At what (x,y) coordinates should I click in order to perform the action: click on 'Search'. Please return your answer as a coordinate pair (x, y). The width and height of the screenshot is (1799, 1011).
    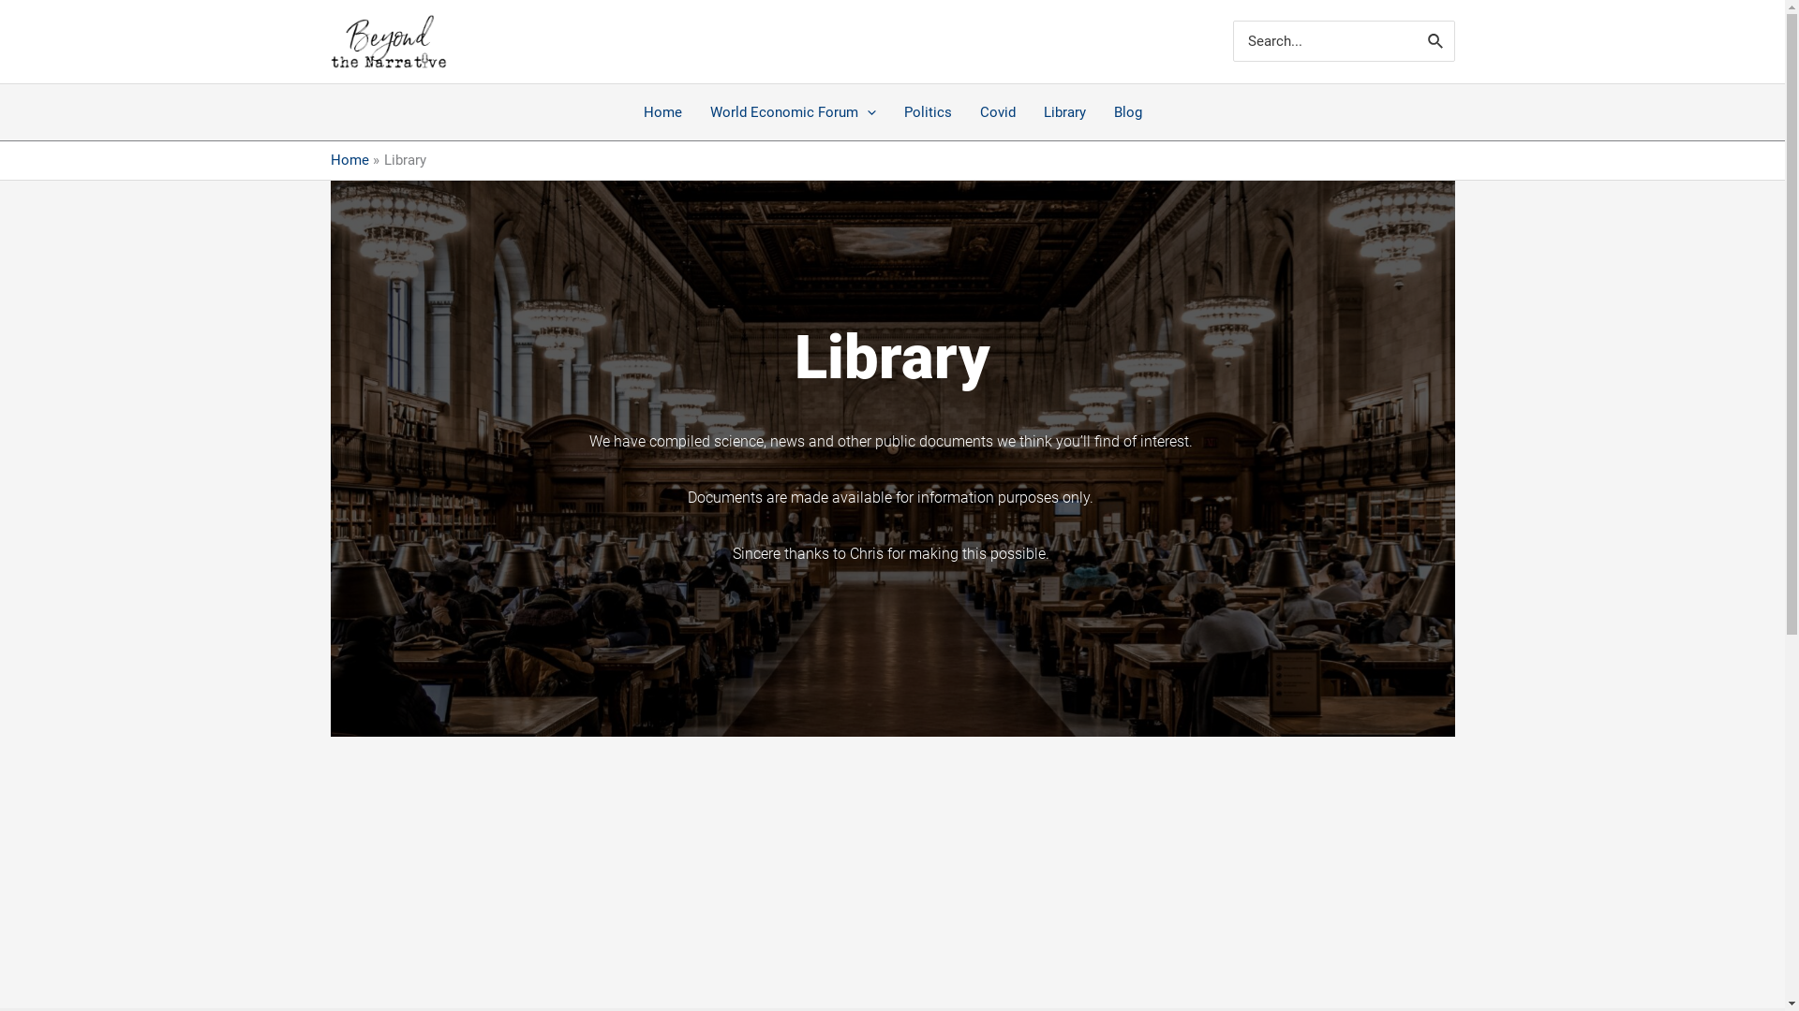
    Looking at the image, I should click on (1435, 40).